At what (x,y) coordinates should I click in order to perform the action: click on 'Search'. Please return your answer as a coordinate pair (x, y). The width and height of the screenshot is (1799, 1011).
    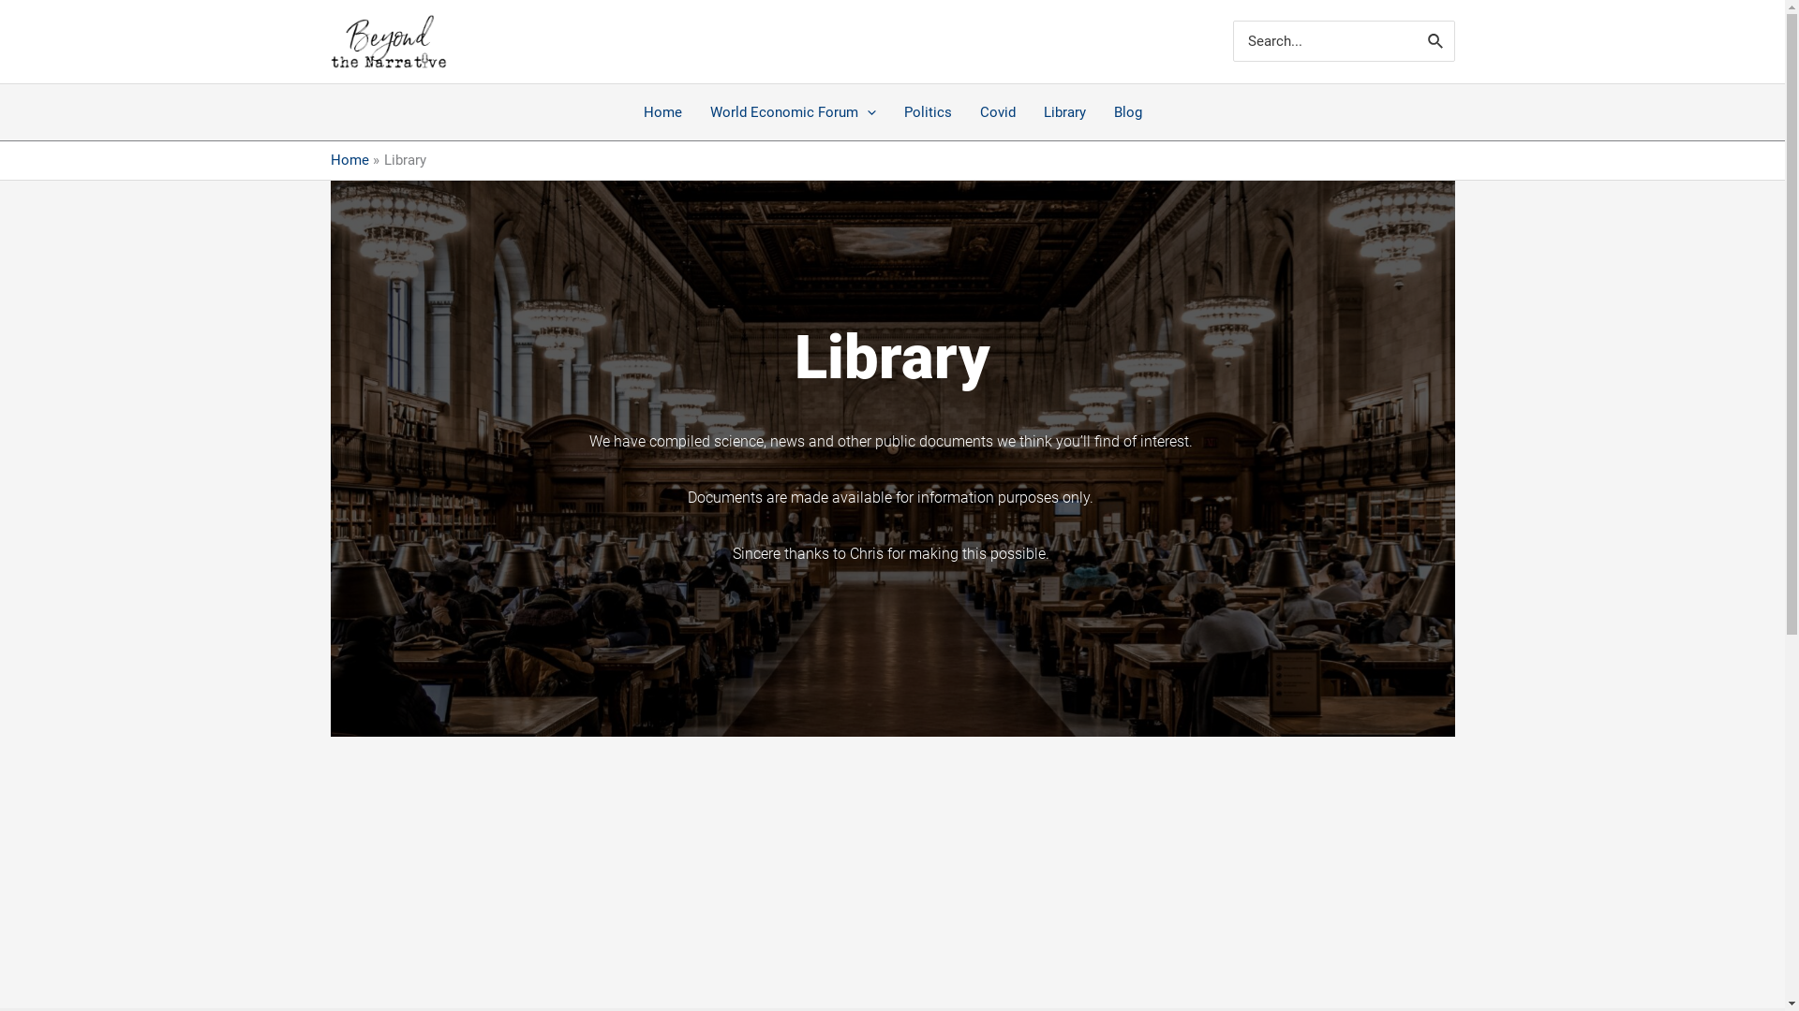
    Looking at the image, I should click on (1435, 40).